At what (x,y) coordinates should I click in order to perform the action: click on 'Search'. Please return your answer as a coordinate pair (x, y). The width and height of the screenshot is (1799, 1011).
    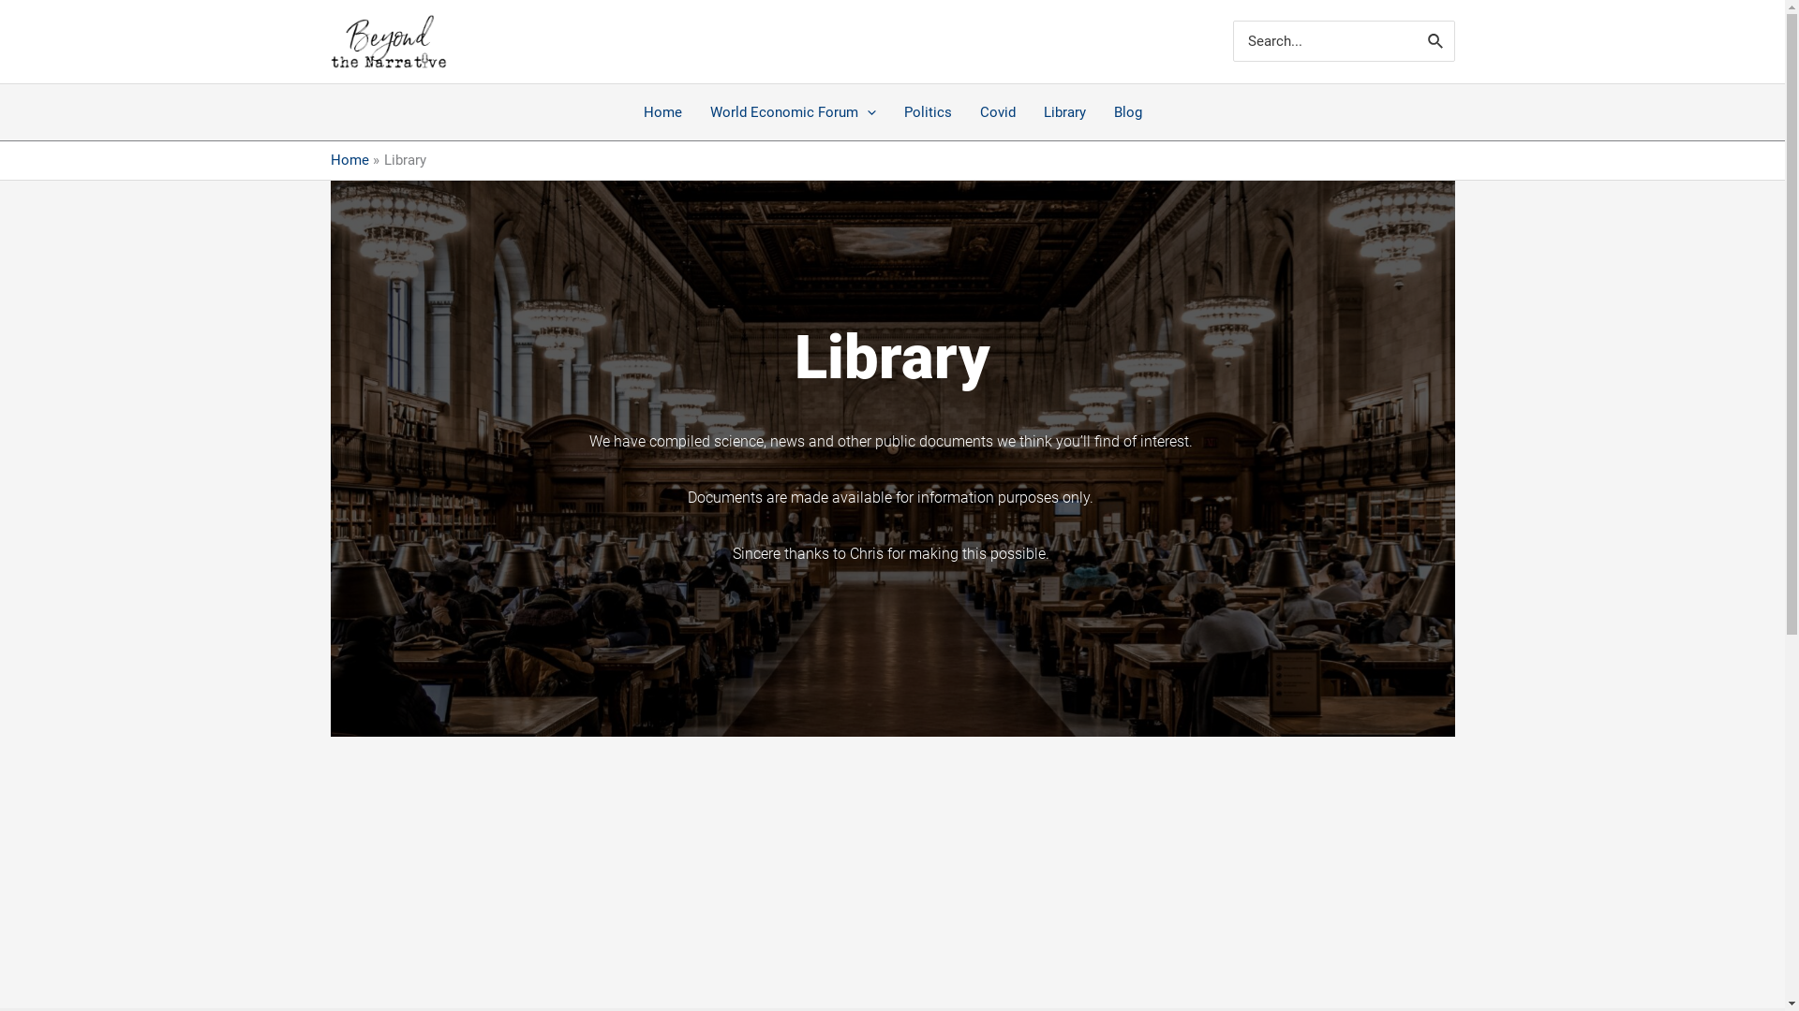
    Looking at the image, I should click on (1435, 40).